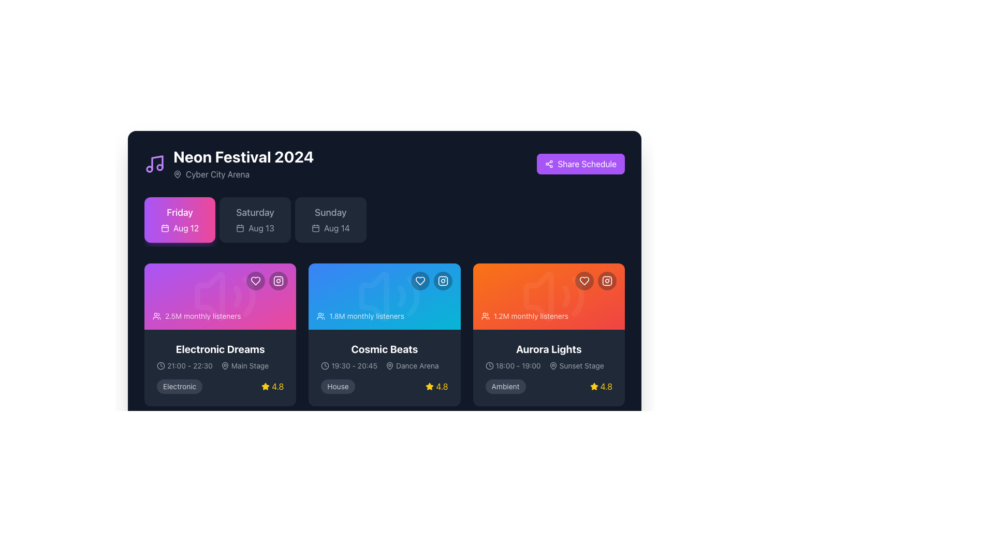 This screenshot has height=559, width=994. What do you see at coordinates (186, 227) in the screenshot?
I see `the text 'Aug 12' displayed in a bold, white font on a lively pink background, part of a styled button or tag with a calendar icon` at bounding box center [186, 227].